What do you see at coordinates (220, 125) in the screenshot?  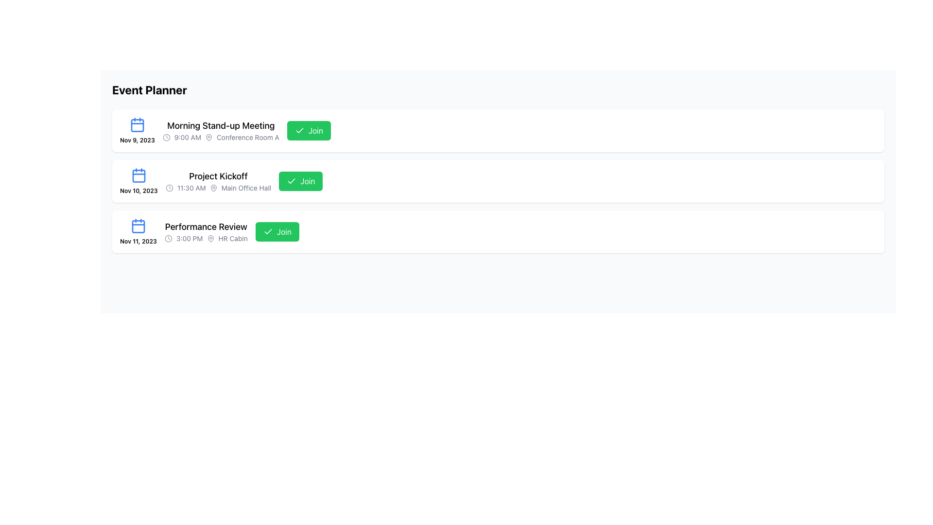 I see `the title of the scheduled event` at bounding box center [220, 125].